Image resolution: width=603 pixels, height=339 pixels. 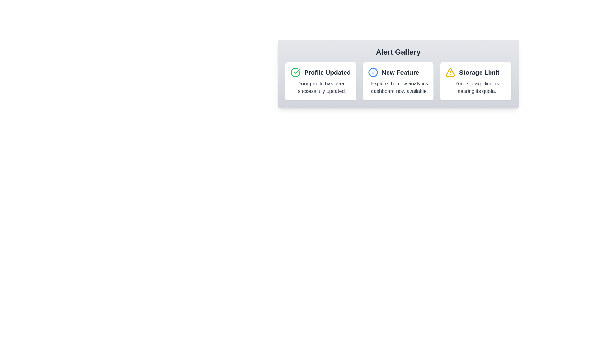 What do you see at coordinates (373, 72) in the screenshot?
I see `the blue stroke circular element in the center of the information icon located on the 'New Feature' card in the Alert Gallery` at bounding box center [373, 72].